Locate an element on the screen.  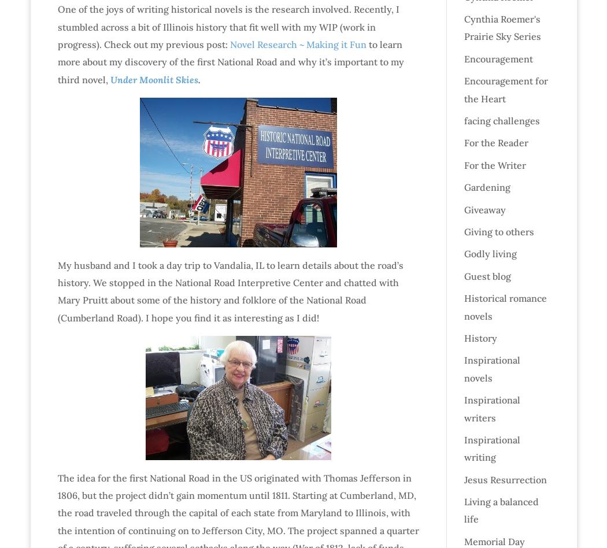
'History' is located at coordinates (480, 337).